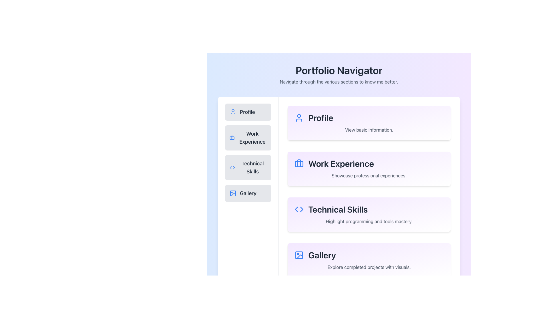 The width and height of the screenshot is (549, 309). What do you see at coordinates (299, 209) in the screenshot?
I see `the coding skills icon located to the left of the text 'Technical Skills'` at bounding box center [299, 209].